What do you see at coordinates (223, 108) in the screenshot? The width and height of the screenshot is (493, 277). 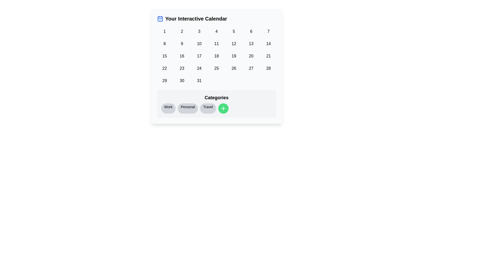 I see `the fourth button` at bounding box center [223, 108].